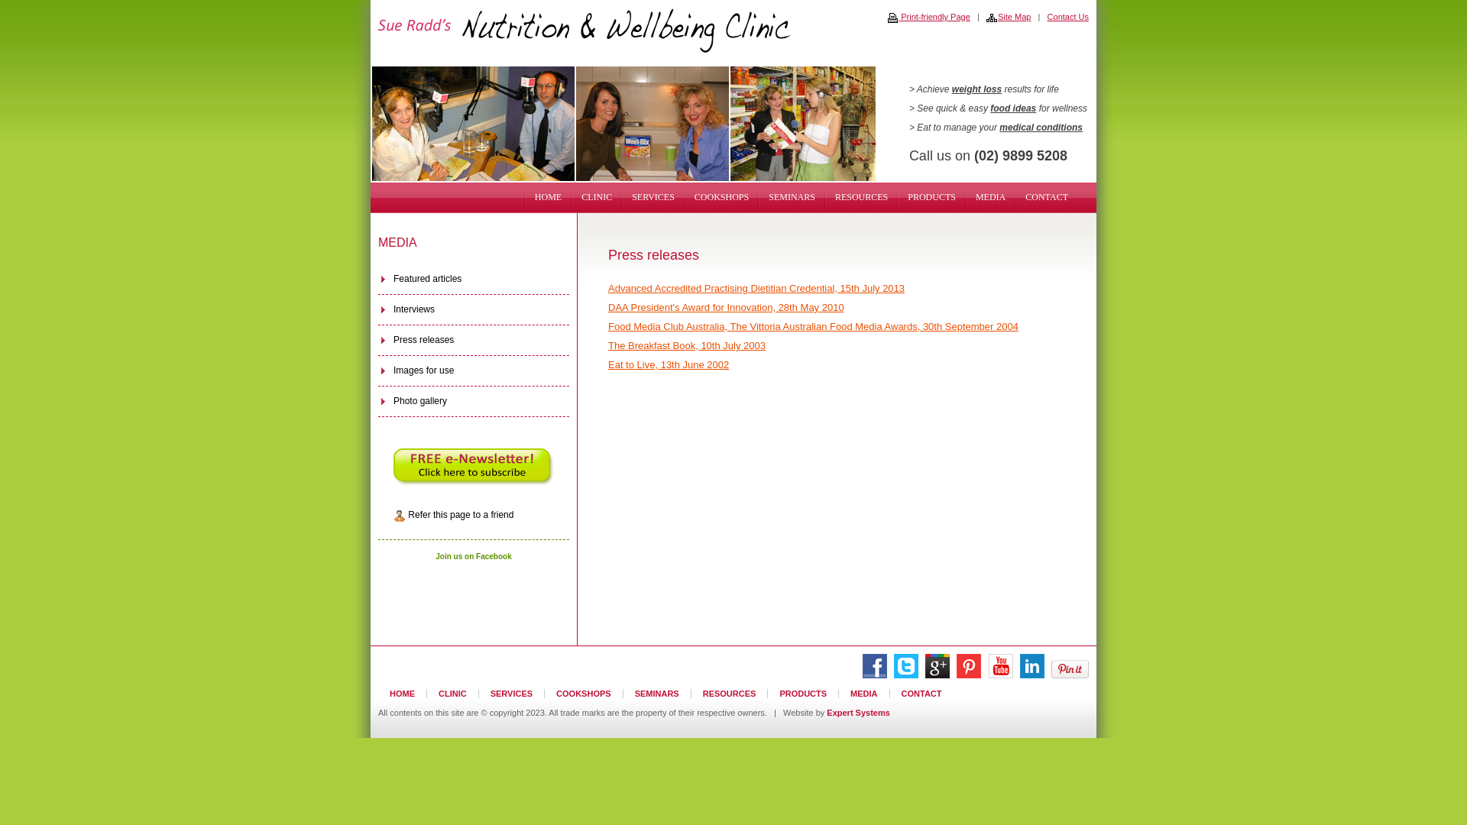 This screenshot has width=1467, height=825. What do you see at coordinates (951, 89) in the screenshot?
I see `'weight loss'` at bounding box center [951, 89].